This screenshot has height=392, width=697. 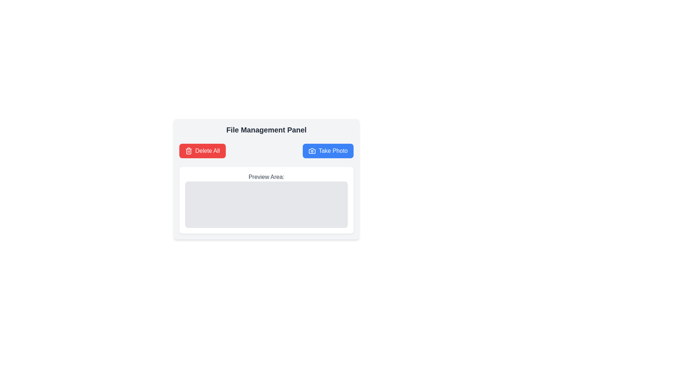 I want to click on the photo capture button located on the right-hand side of the 'File Management Panel', next to the 'Delete All' button, so click(x=327, y=151).